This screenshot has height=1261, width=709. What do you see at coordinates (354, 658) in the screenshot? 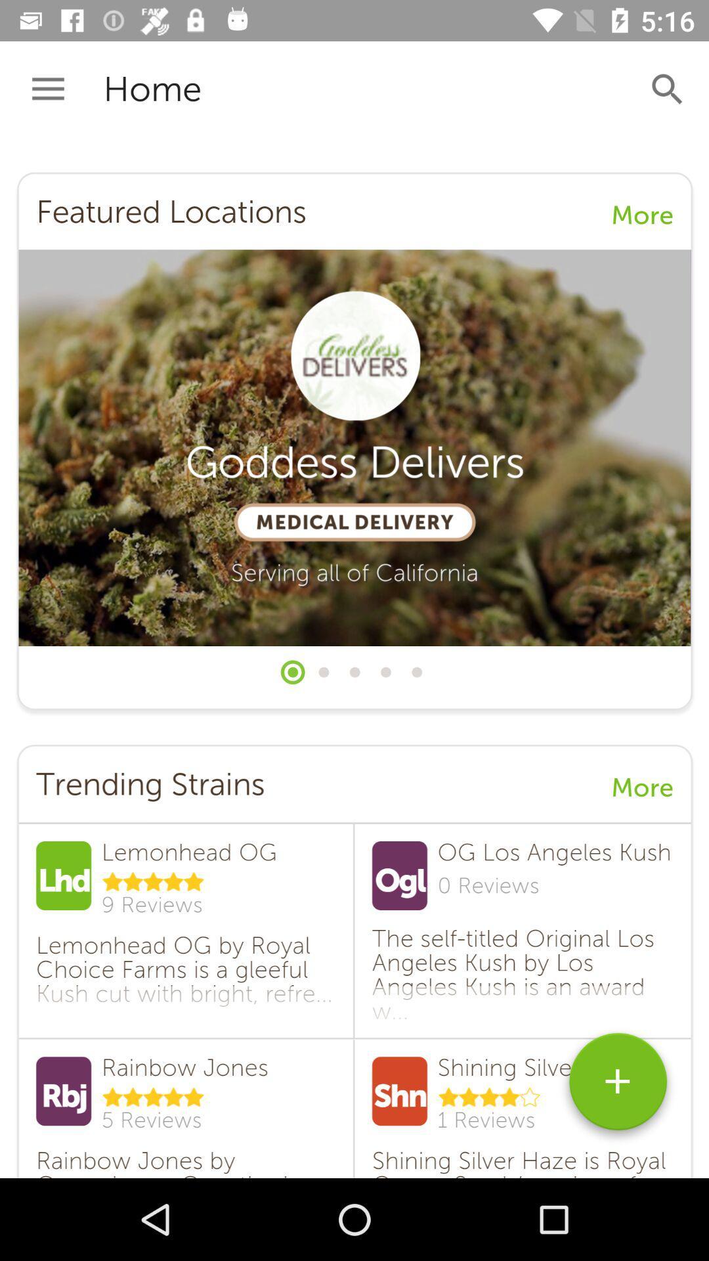
I see `click discription` at bounding box center [354, 658].